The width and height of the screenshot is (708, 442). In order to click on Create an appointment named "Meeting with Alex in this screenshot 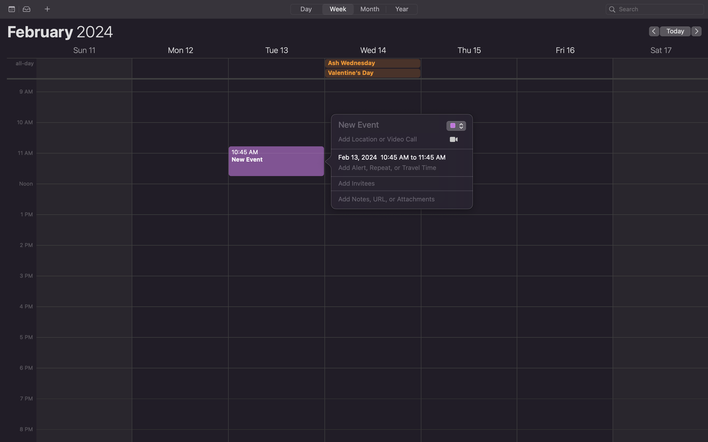, I will do `click(387, 124)`.